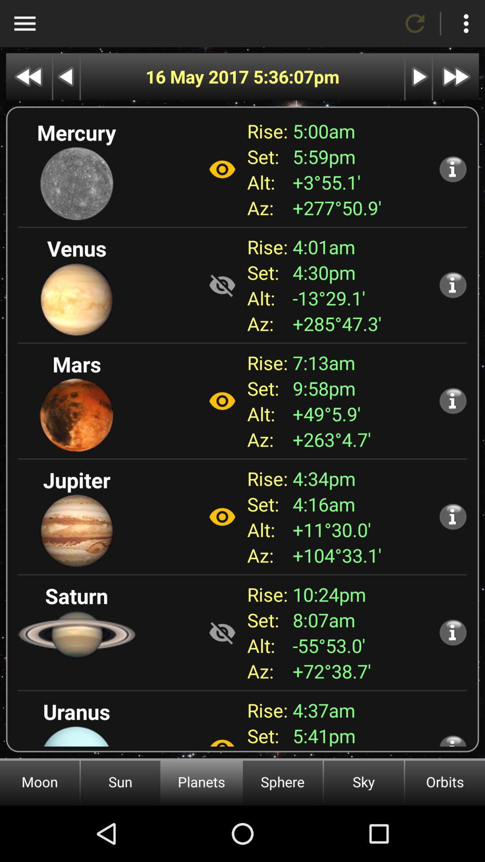 This screenshot has height=862, width=485. Describe the element at coordinates (222, 285) in the screenshot. I see `unhide` at that location.